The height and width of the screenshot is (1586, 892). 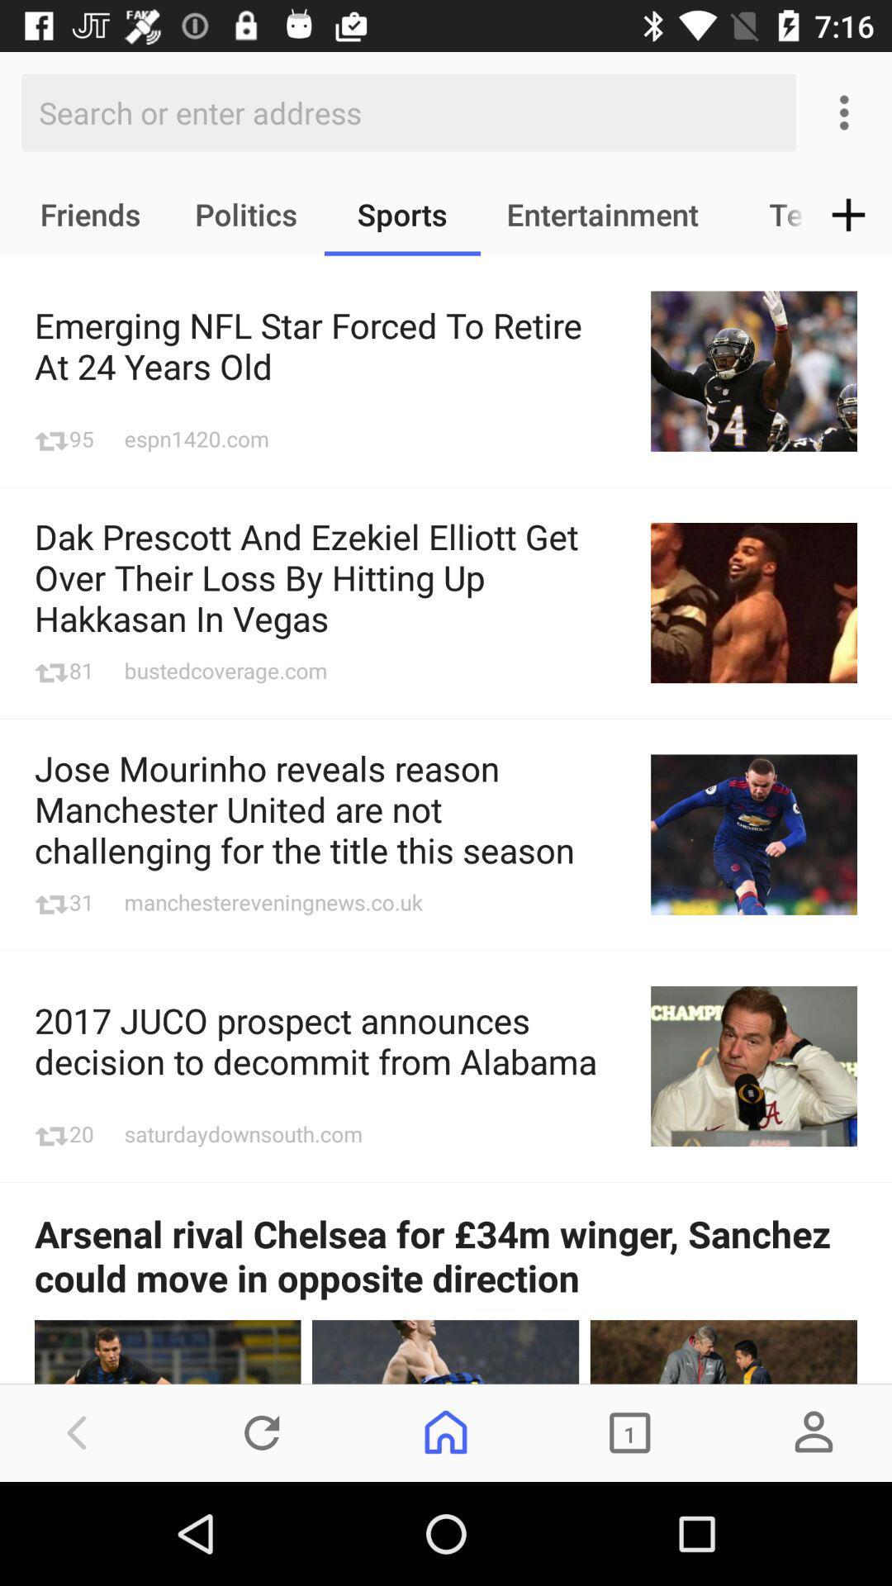 I want to click on the add icon, so click(x=848, y=213).